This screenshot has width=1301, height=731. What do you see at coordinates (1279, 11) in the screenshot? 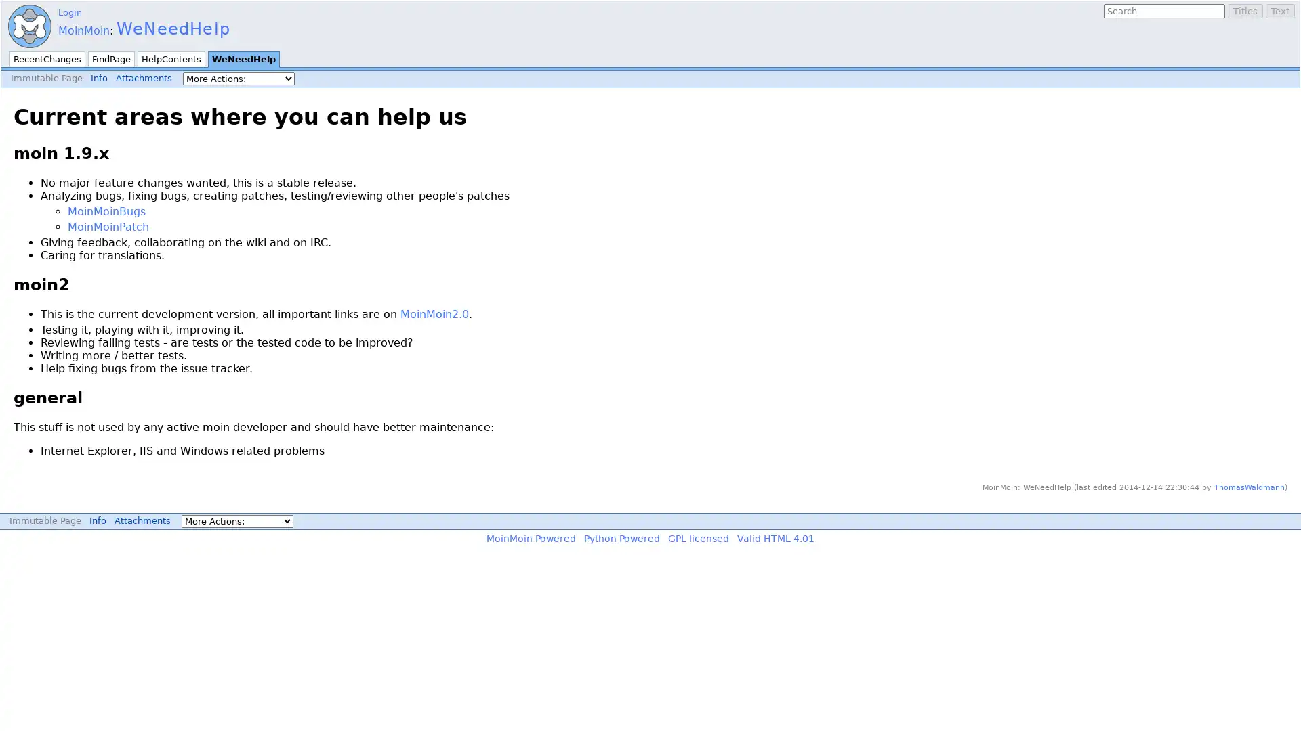
I see `Text` at bounding box center [1279, 11].